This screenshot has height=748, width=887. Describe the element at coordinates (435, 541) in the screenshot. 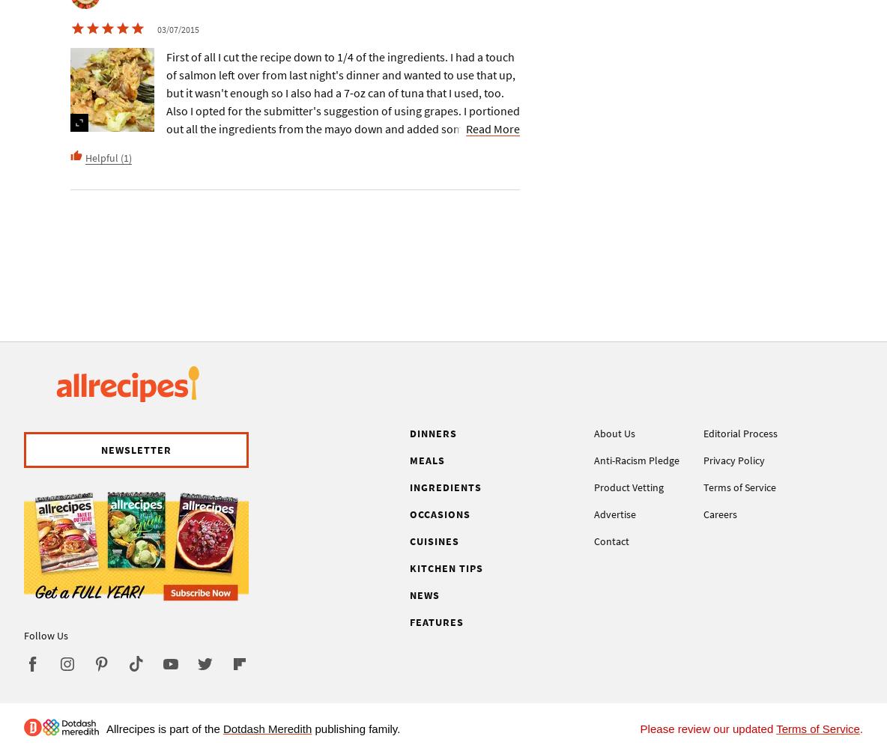

I see `'Cuisines'` at that location.